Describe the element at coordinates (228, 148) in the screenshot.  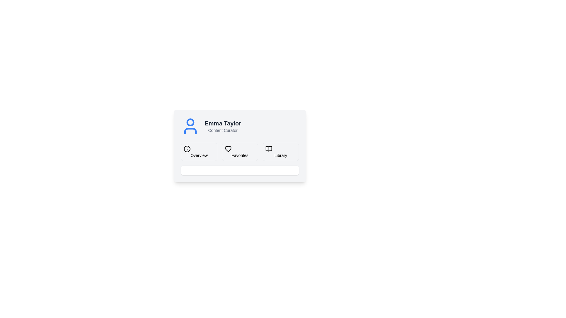
I see `the 'Favorites' button icon` at that location.